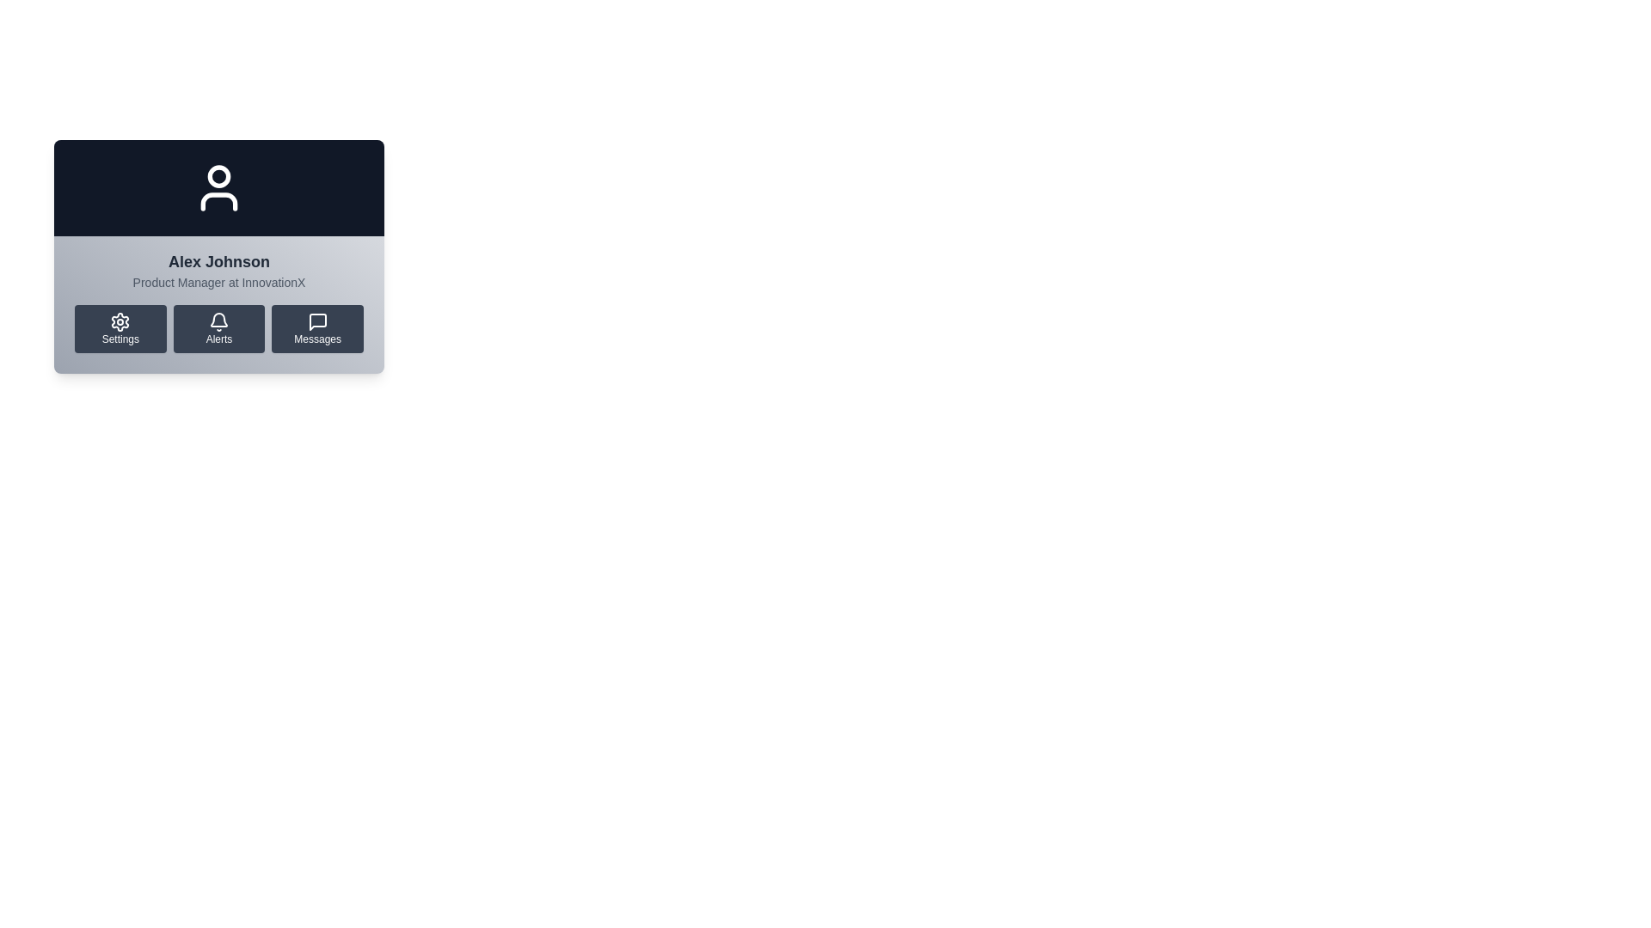 The width and height of the screenshot is (1651, 928). Describe the element at coordinates (120, 321) in the screenshot. I see `the gear icon embedded in the 'Settings' button located at the bottom left of the user profile card` at that location.